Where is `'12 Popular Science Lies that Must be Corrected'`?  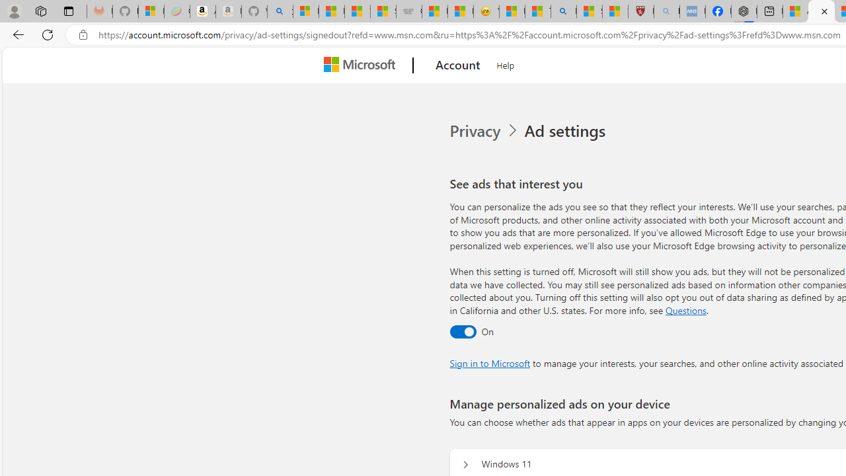 '12 Popular Science Lies that Must be Corrected' is located at coordinates (614, 11).